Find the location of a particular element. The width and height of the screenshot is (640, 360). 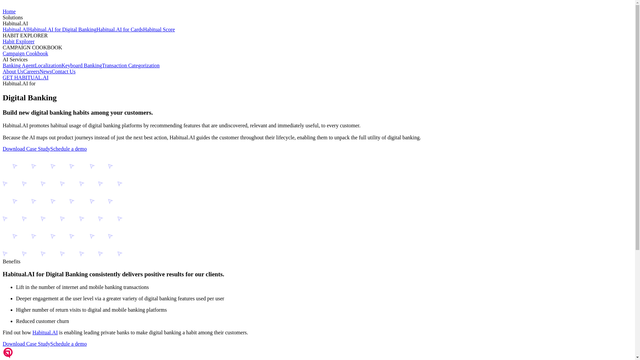

'Habitual.AI' is located at coordinates (44, 332).